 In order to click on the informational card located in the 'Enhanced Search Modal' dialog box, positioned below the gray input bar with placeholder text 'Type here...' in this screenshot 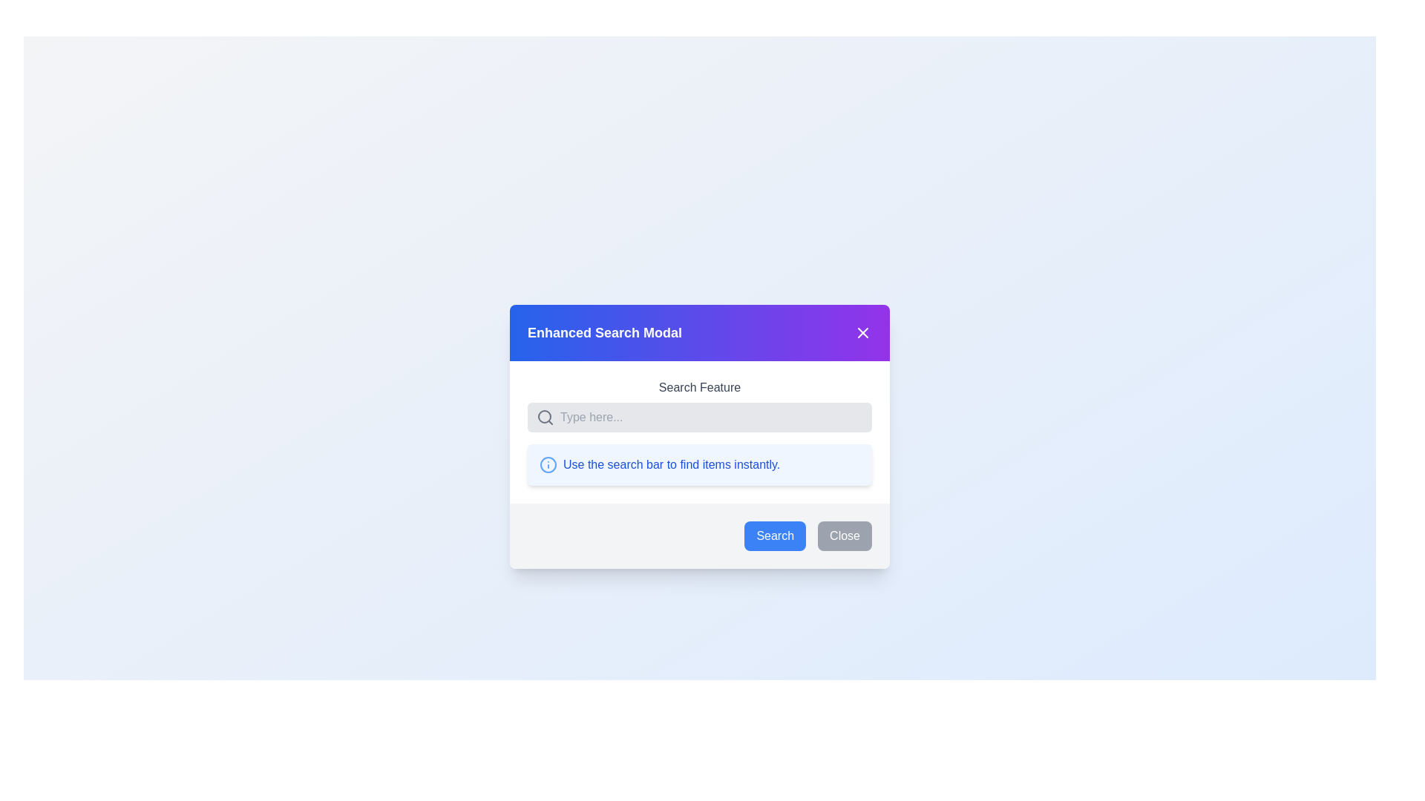, I will do `click(698, 464)`.